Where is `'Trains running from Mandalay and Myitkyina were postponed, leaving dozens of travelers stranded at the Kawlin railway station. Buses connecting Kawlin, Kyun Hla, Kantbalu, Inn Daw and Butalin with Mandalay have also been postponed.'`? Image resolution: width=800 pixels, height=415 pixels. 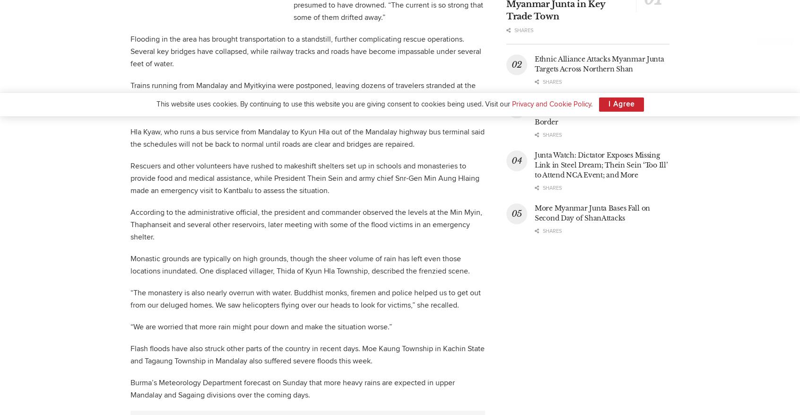
'Trains running from Mandalay and Myitkyina were postponed, leaving dozens of travelers stranded at the Kawlin railway station. Buses connecting Kawlin, Kyun Hla, Kantbalu, Inn Daw and Butalin with Mandalay have also been postponed.' is located at coordinates (130, 97).